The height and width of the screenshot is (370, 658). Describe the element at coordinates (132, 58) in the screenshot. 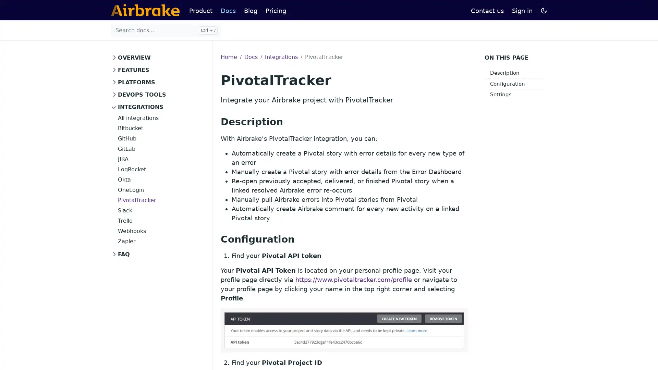

I see `OVERVIEW` at that location.